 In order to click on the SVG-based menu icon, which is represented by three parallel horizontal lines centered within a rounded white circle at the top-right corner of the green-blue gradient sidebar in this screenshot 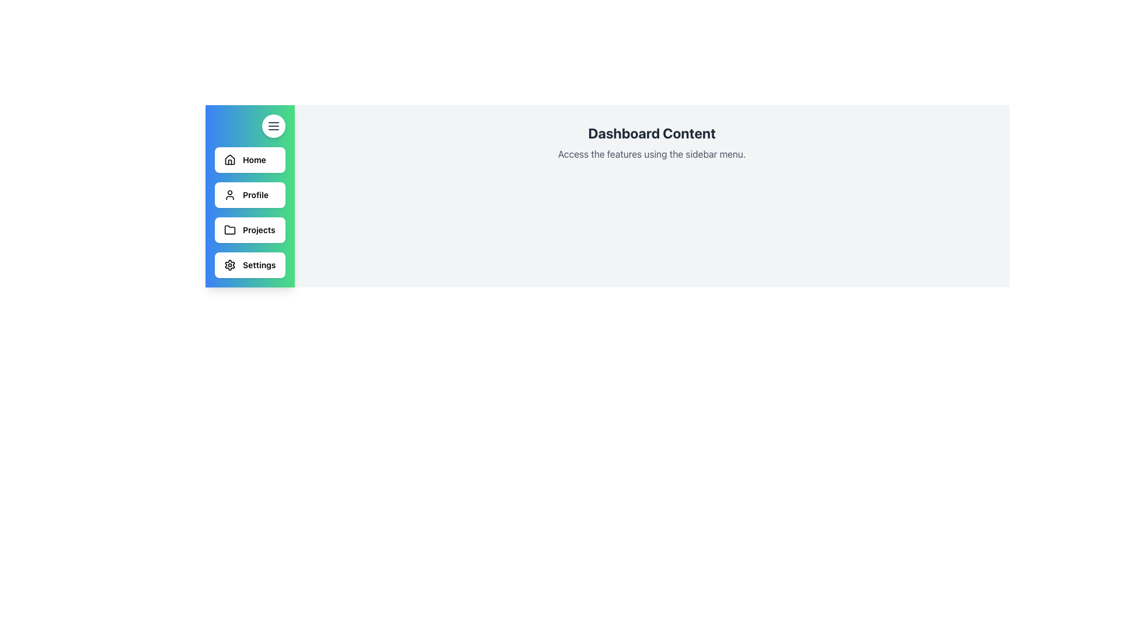, I will do `click(273, 126)`.